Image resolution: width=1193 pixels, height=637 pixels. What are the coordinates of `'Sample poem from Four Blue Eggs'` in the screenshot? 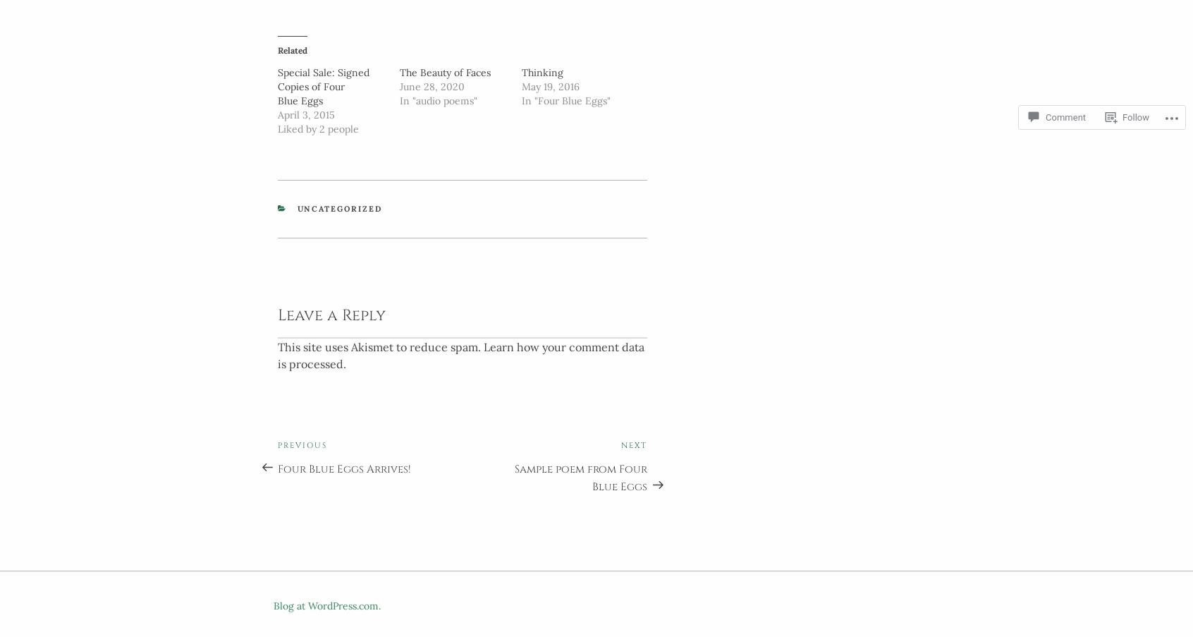 It's located at (581, 473).